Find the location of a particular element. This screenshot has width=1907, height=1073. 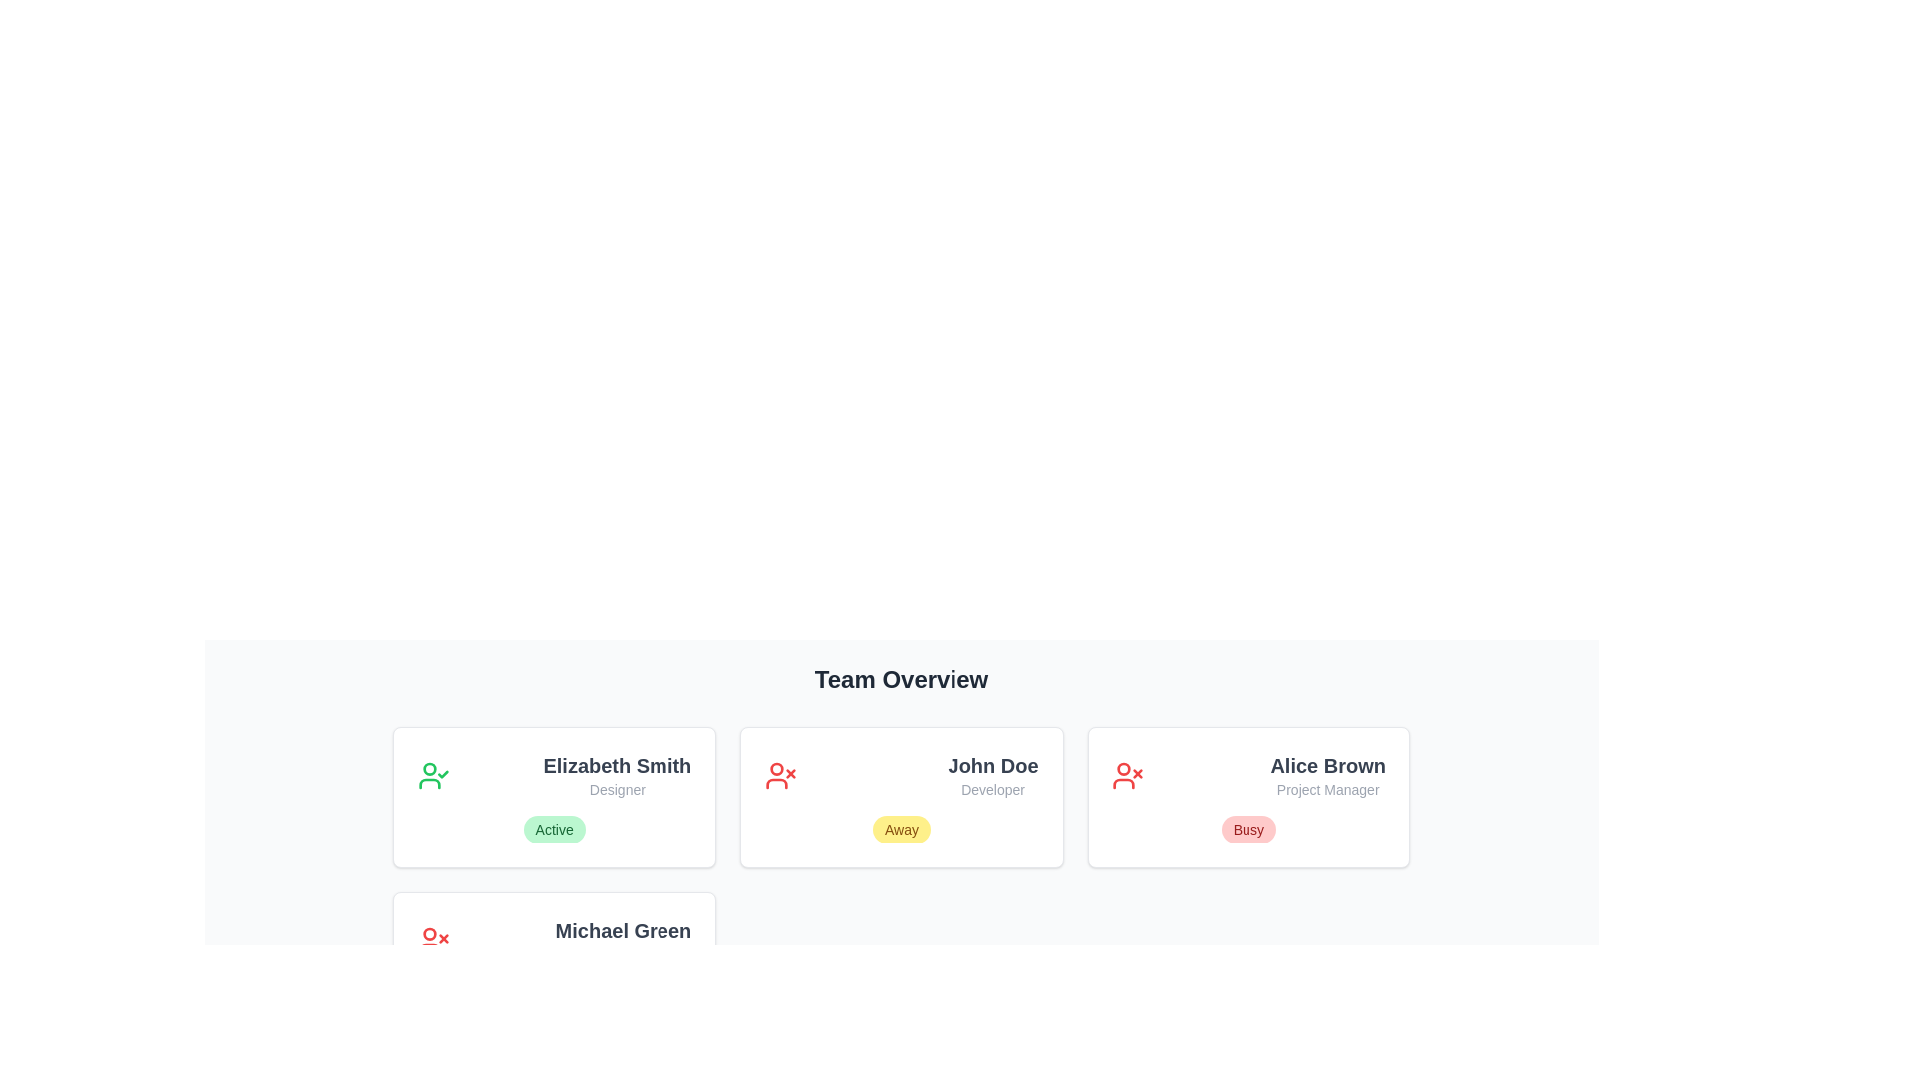

the Text label displaying the name and role of an individual, located in the rightmost card under 'Team Overview', above the 'Busy' status indicator is located at coordinates (1328, 774).